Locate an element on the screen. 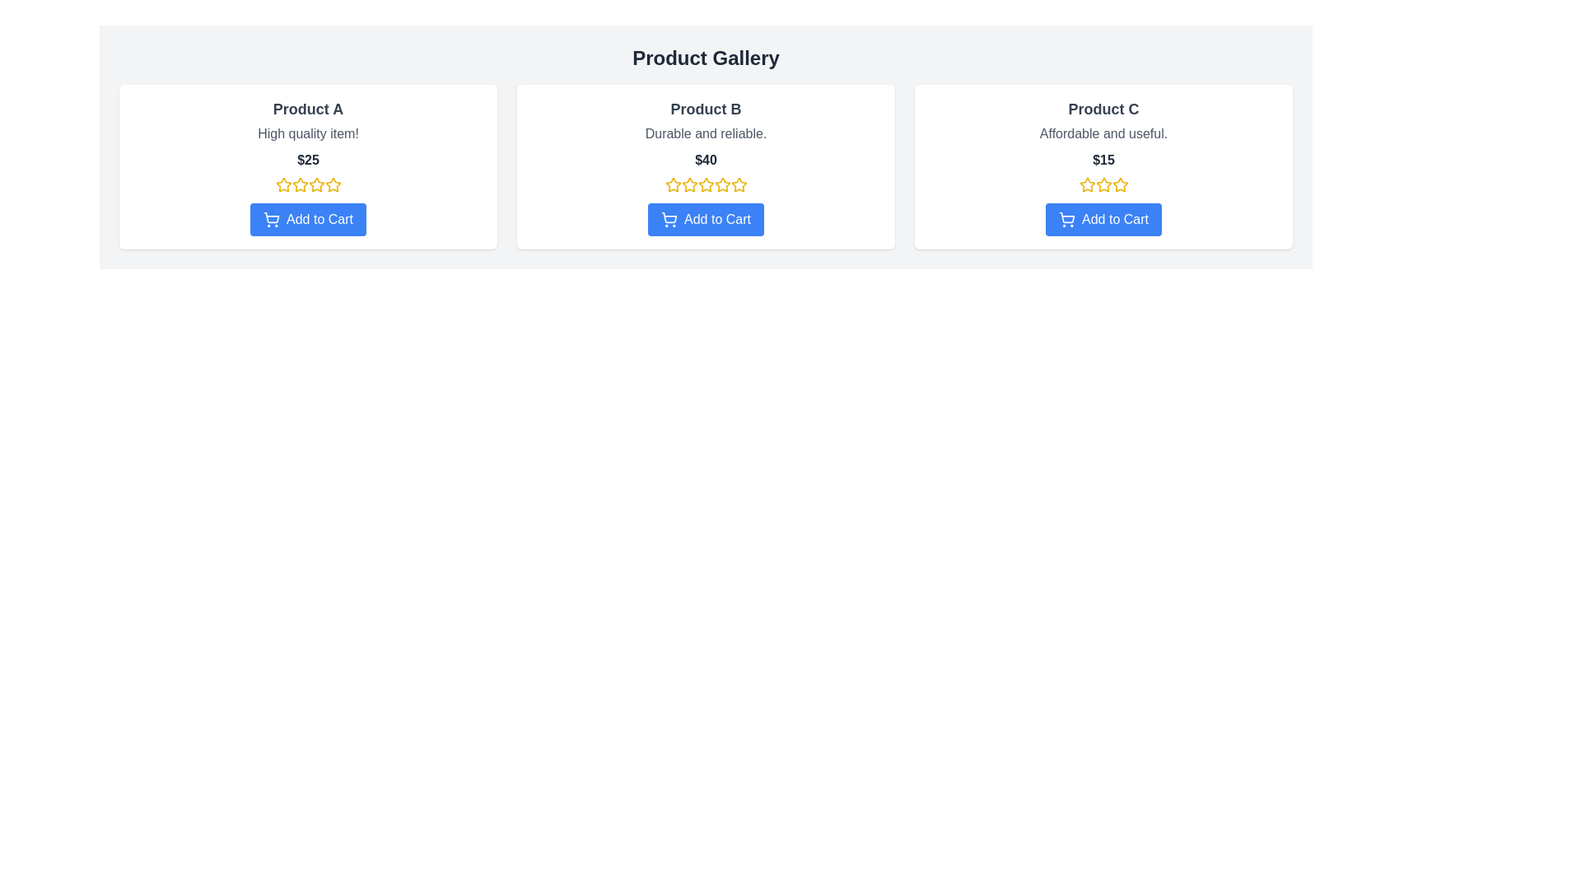 This screenshot has width=1581, height=889. the first interactive star rating icon for 'Product A' is located at coordinates (283, 184).